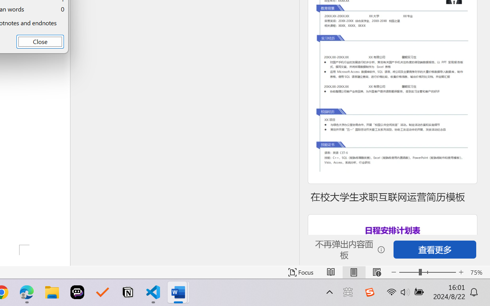 The image size is (490, 306). I want to click on 'Focus ', so click(301, 272).